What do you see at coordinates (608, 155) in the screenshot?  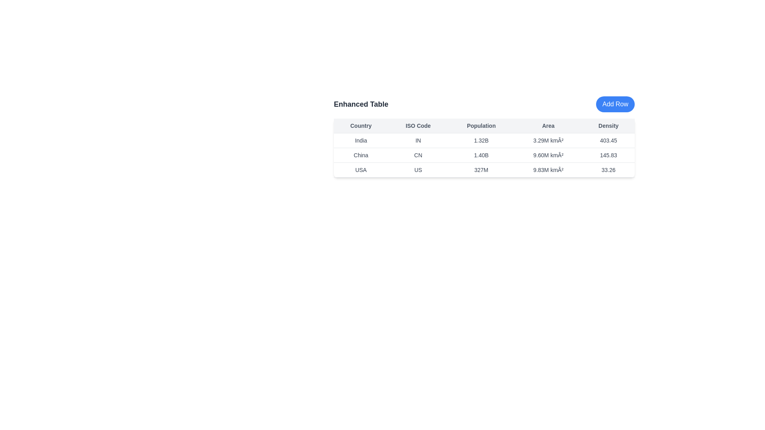 I see `the text element displaying the population density value for China, located in the last column of the second row of the table` at bounding box center [608, 155].